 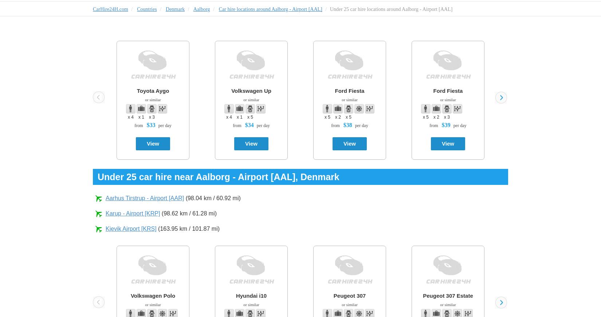 I want to click on 'Aarhus Tirstrup - Airport [AAR]', so click(x=145, y=198).